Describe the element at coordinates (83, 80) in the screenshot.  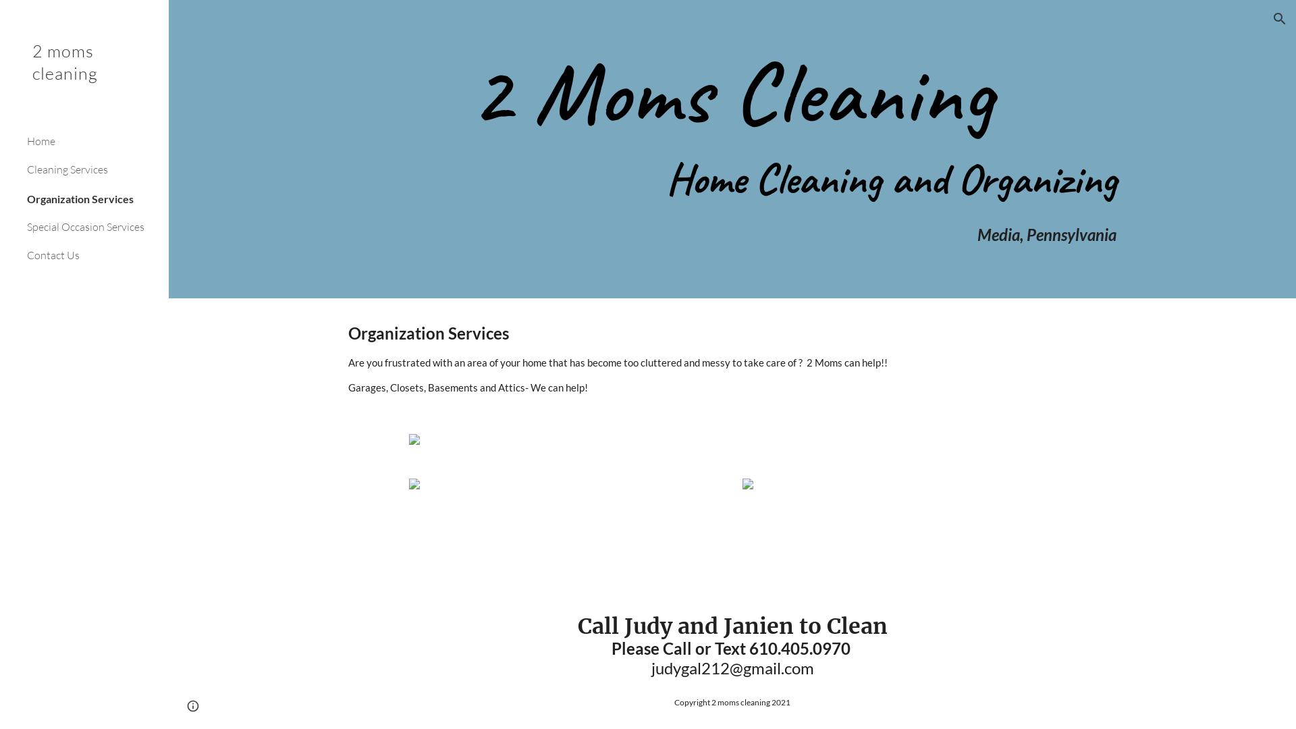
I see `'2 moms cleaning'` at that location.